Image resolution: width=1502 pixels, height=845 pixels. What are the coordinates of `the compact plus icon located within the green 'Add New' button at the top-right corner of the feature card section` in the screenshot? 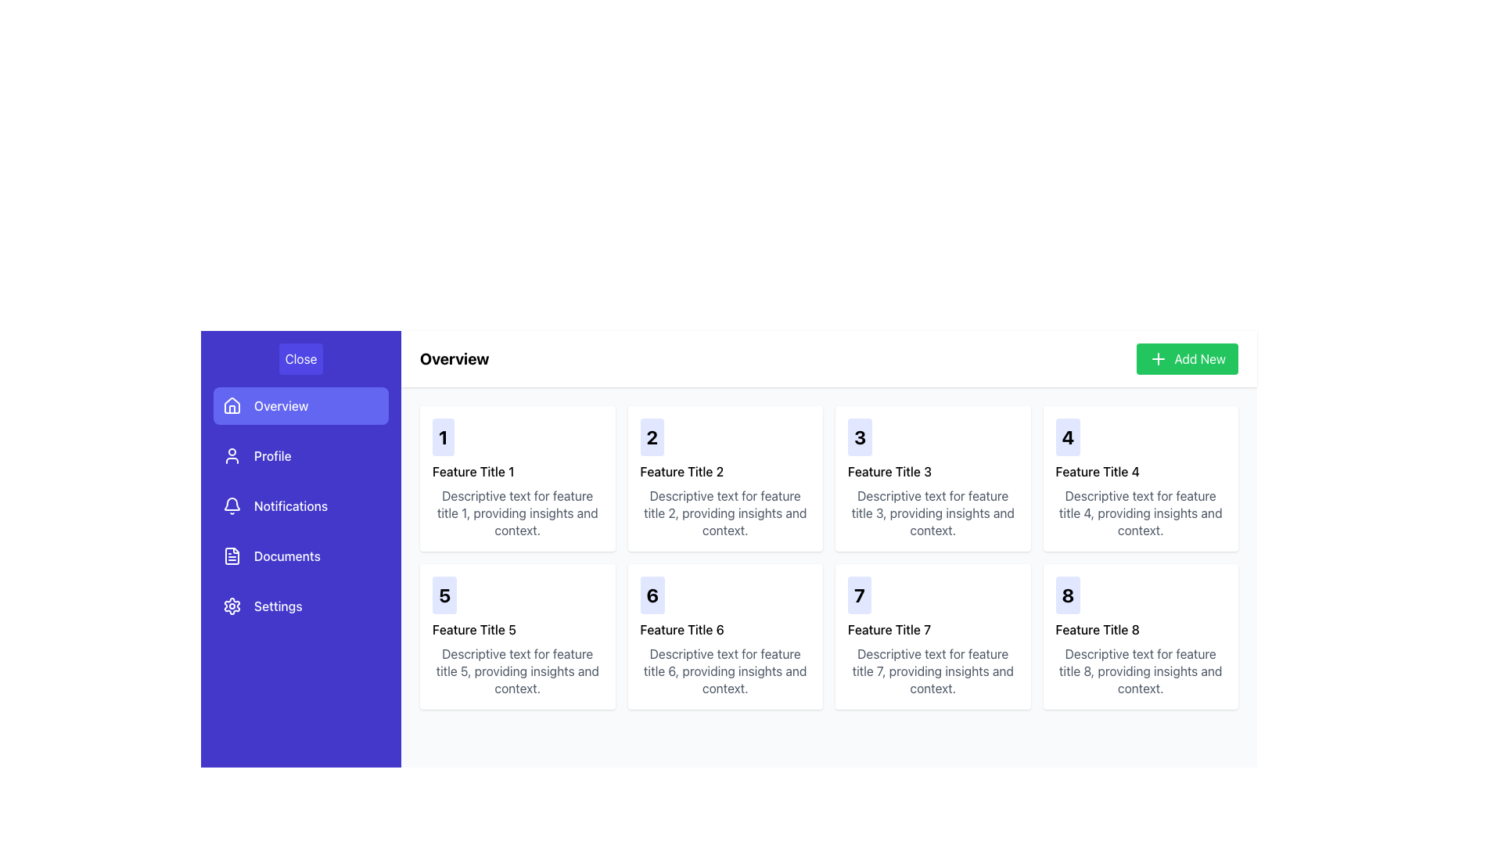 It's located at (1159, 359).